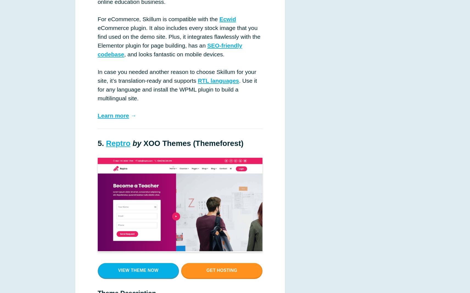  What do you see at coordinates (169, 49) in the screenshot?
I see `'SEO-friendly codebase'` at bounding box center [169, 49].